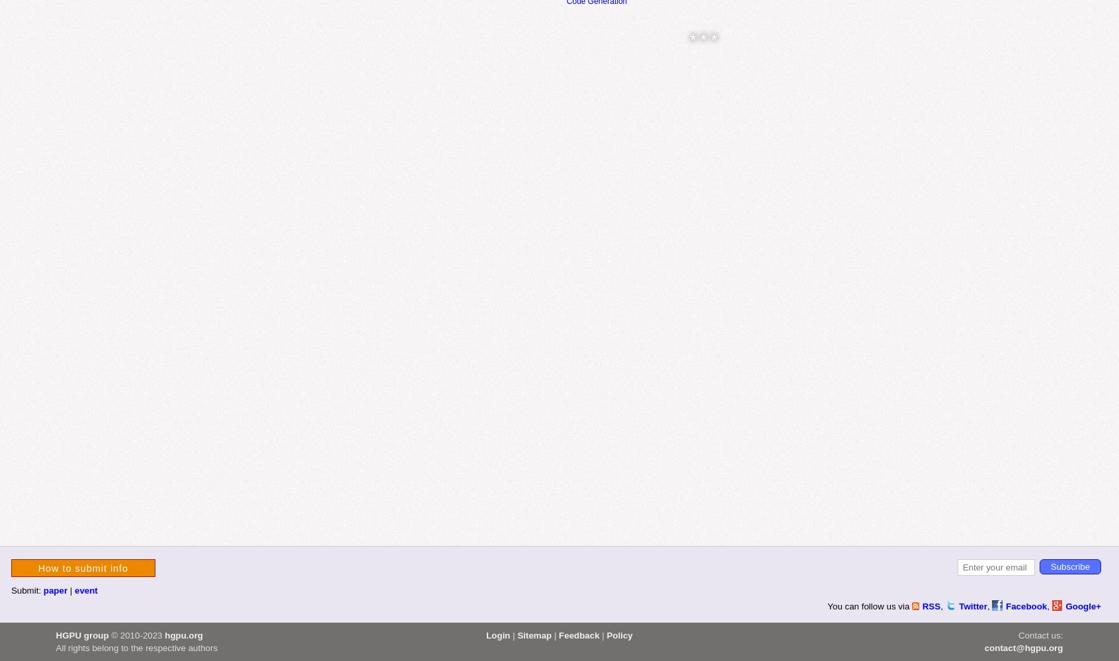  I want to click on 'Google+', so click(1064, 606).